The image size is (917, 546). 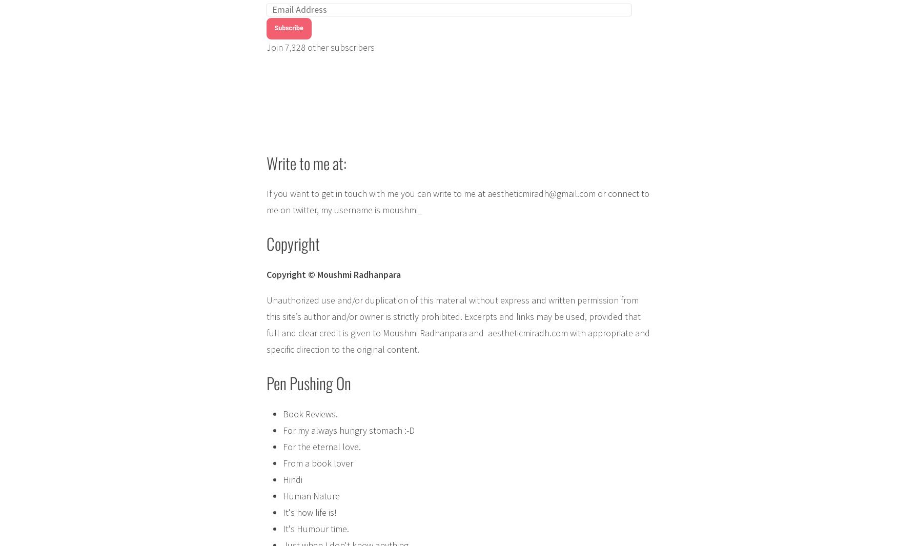 I want to click on 'Subscribe', so click(x=288, y=27).